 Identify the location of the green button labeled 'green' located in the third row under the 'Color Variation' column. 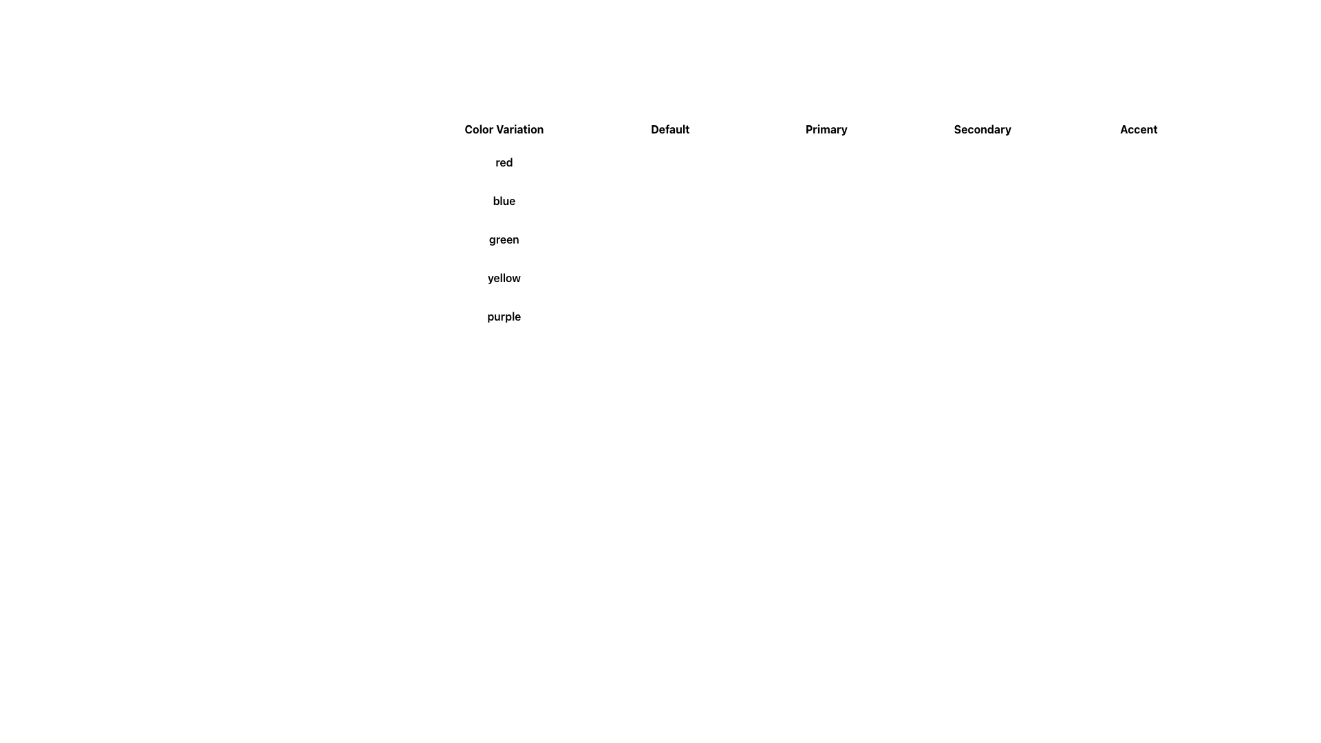
(634, 238).